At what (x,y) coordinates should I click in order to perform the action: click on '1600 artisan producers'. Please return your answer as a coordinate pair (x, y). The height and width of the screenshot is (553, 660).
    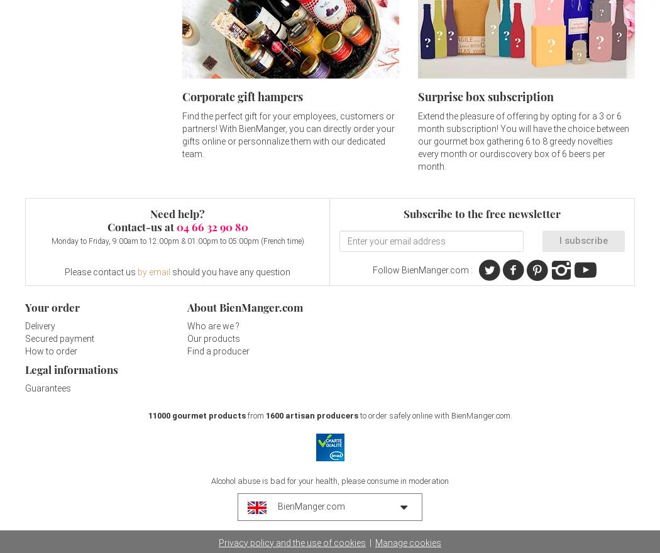
    Looking at the image, I should click on (311, 415).